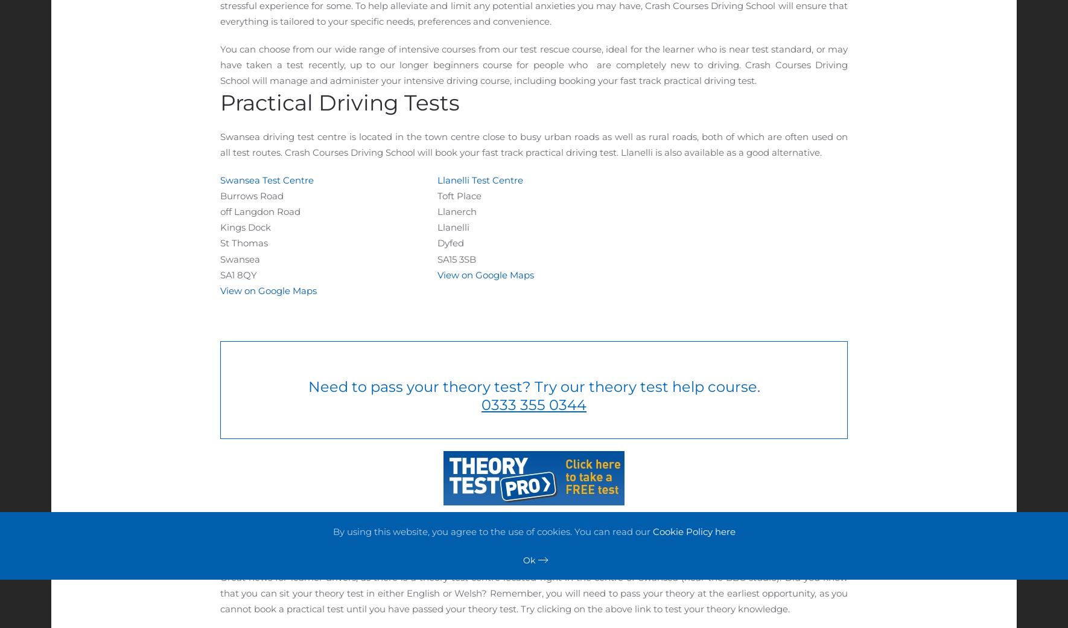 The width and height of the screenshot is (1068, 628). I want to click on 'Swansea Test Centre', so click(266, 179).